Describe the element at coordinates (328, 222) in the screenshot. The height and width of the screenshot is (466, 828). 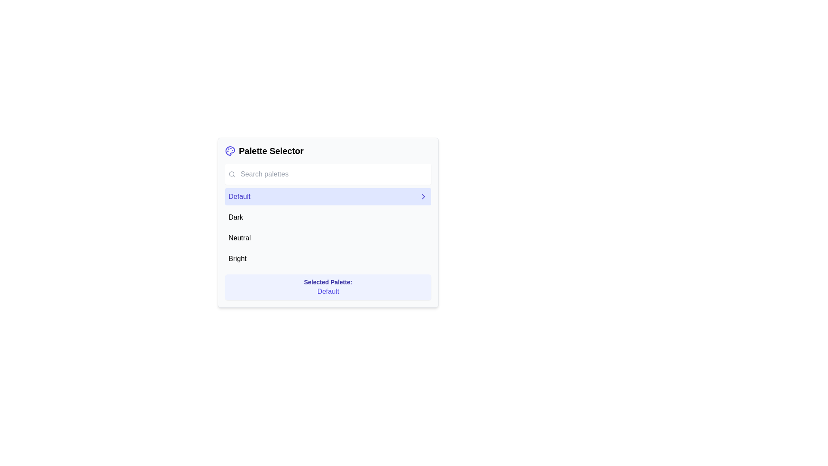
I see `the color theme options in the palette selection interface` at that location.